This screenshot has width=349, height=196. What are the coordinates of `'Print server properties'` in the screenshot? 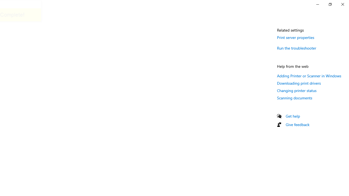 It's located at (295, 37).